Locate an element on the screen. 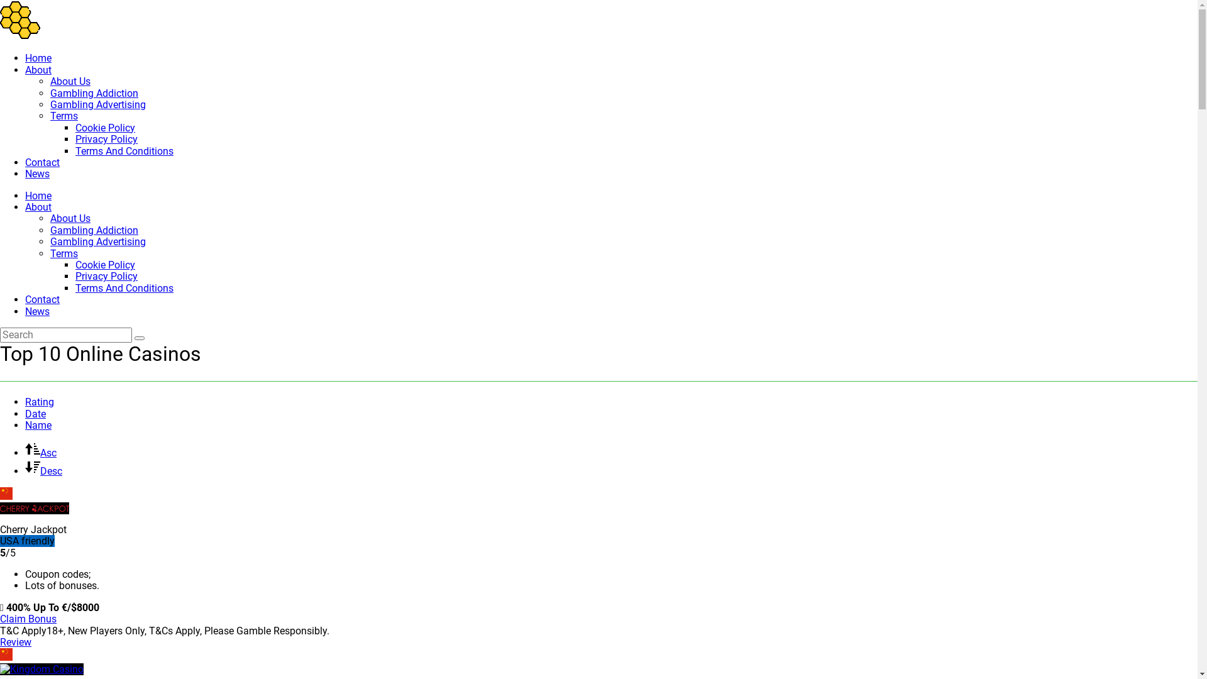 This screenshot has width=1207, height=679. 'Privacy Policy' is located at coordinates (106, 275).